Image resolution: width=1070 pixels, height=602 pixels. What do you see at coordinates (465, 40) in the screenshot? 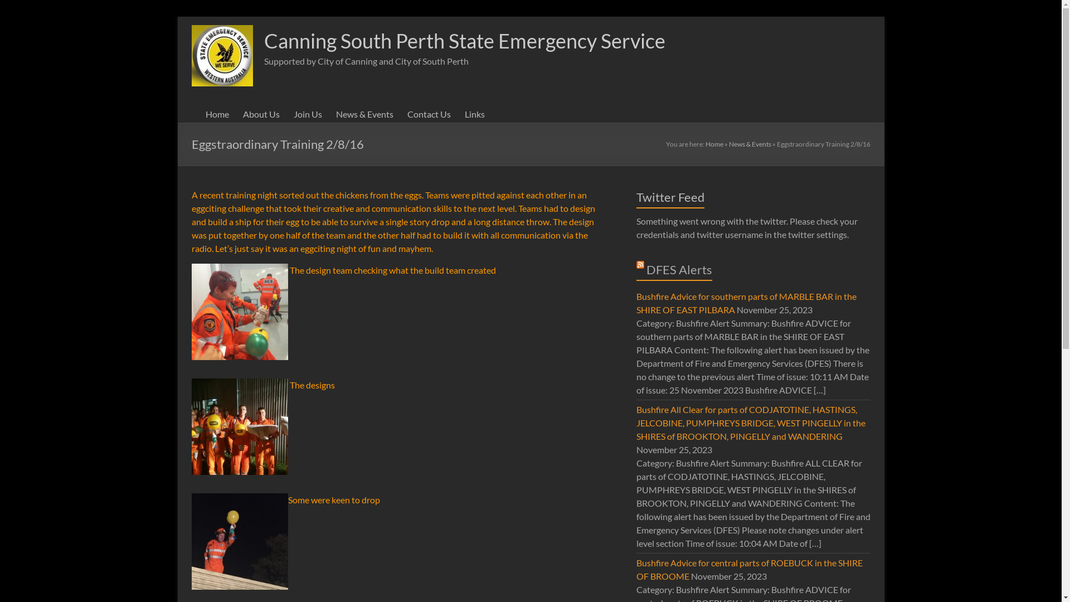
I see `'Canning South Perth State Emergency Service'` at bounding box center [465, 40].